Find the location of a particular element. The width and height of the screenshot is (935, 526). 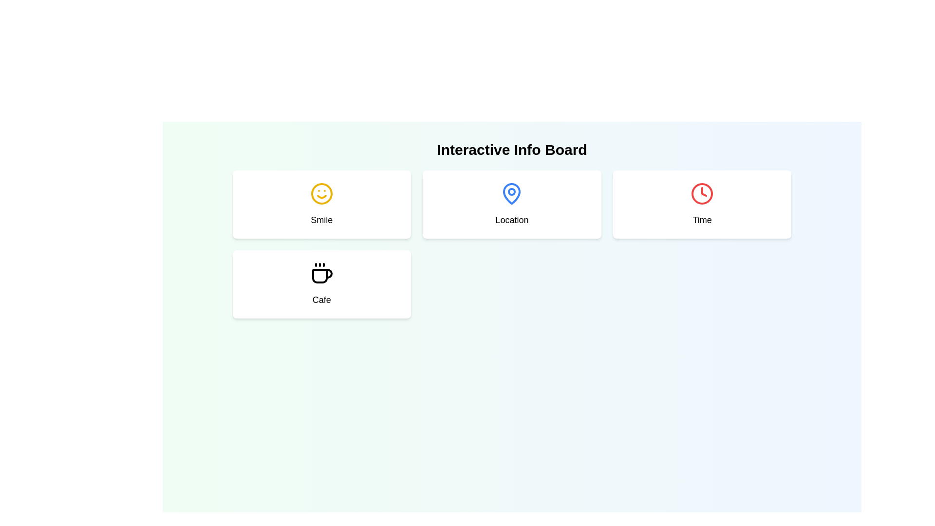

the triangular indicator of the clock icon located inside the 'Time' button in the top-right corner of the interface is located at coordinates (704, 191).